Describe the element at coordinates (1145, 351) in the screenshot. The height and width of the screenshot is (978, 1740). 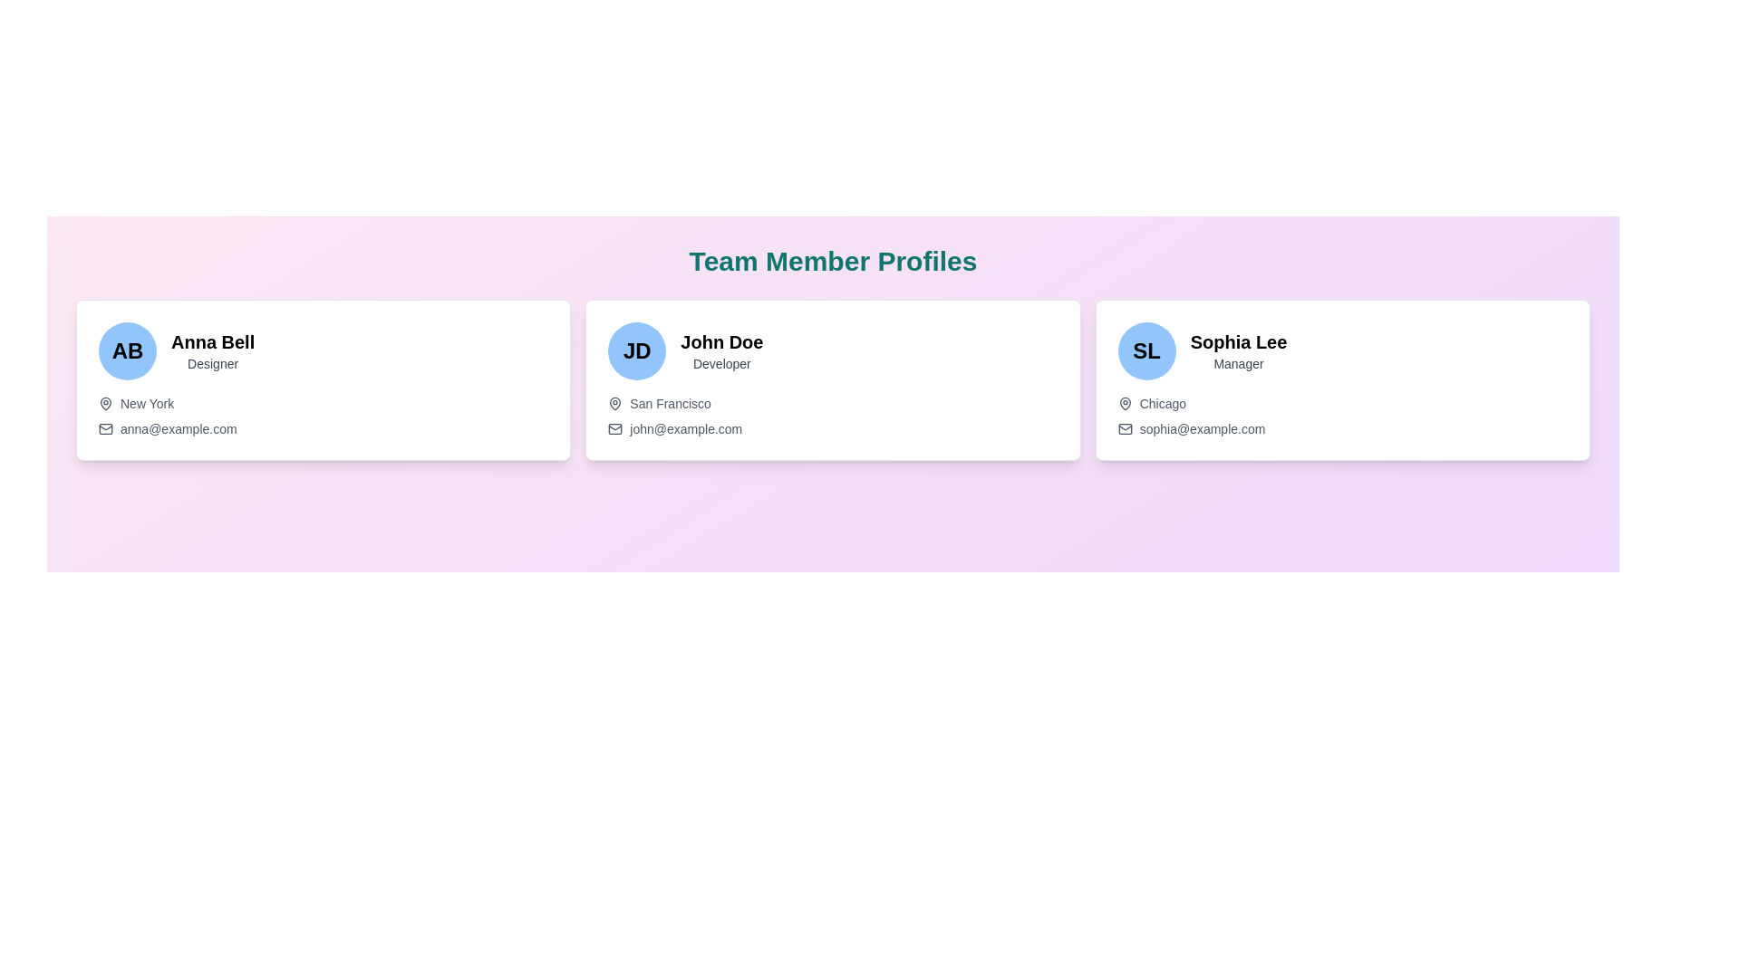
I see `the circular avatar representing 'Sophia Lee', located at the top-left corner of the profile card` at that location.